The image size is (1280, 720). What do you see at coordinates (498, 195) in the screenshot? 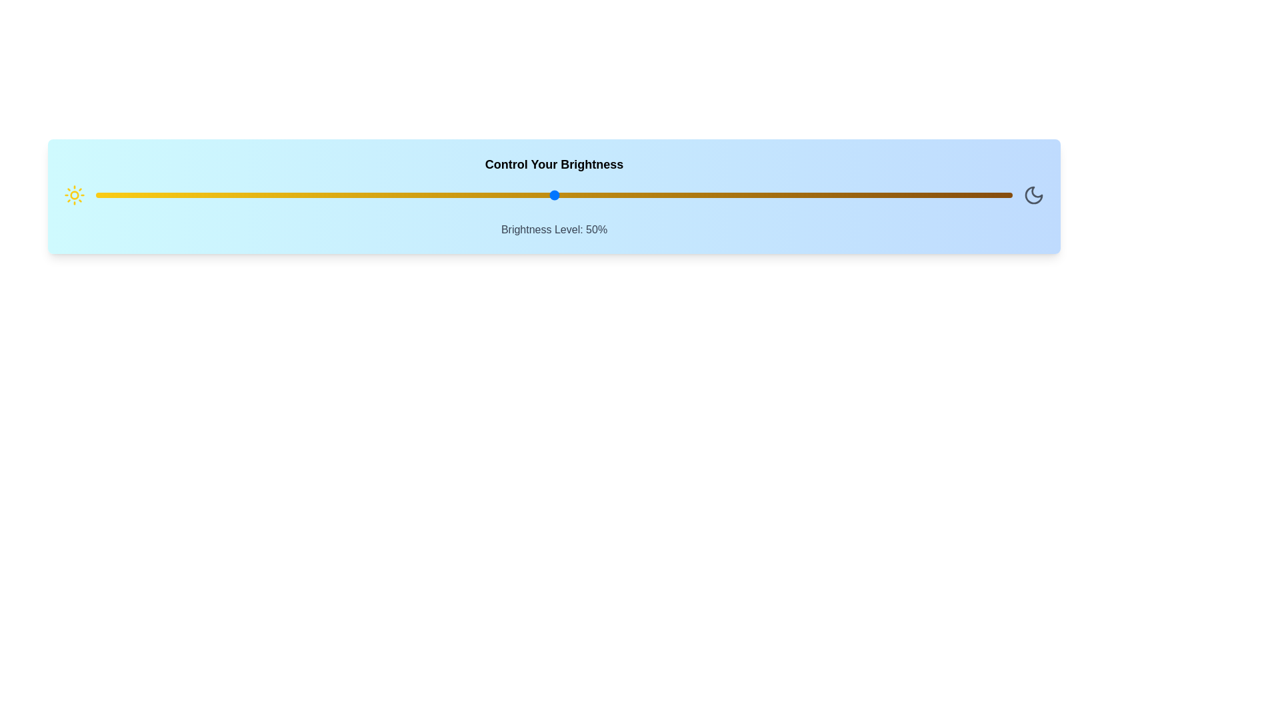
I see `the brightness to 44% using the slider` at bounding box center [498, 195].